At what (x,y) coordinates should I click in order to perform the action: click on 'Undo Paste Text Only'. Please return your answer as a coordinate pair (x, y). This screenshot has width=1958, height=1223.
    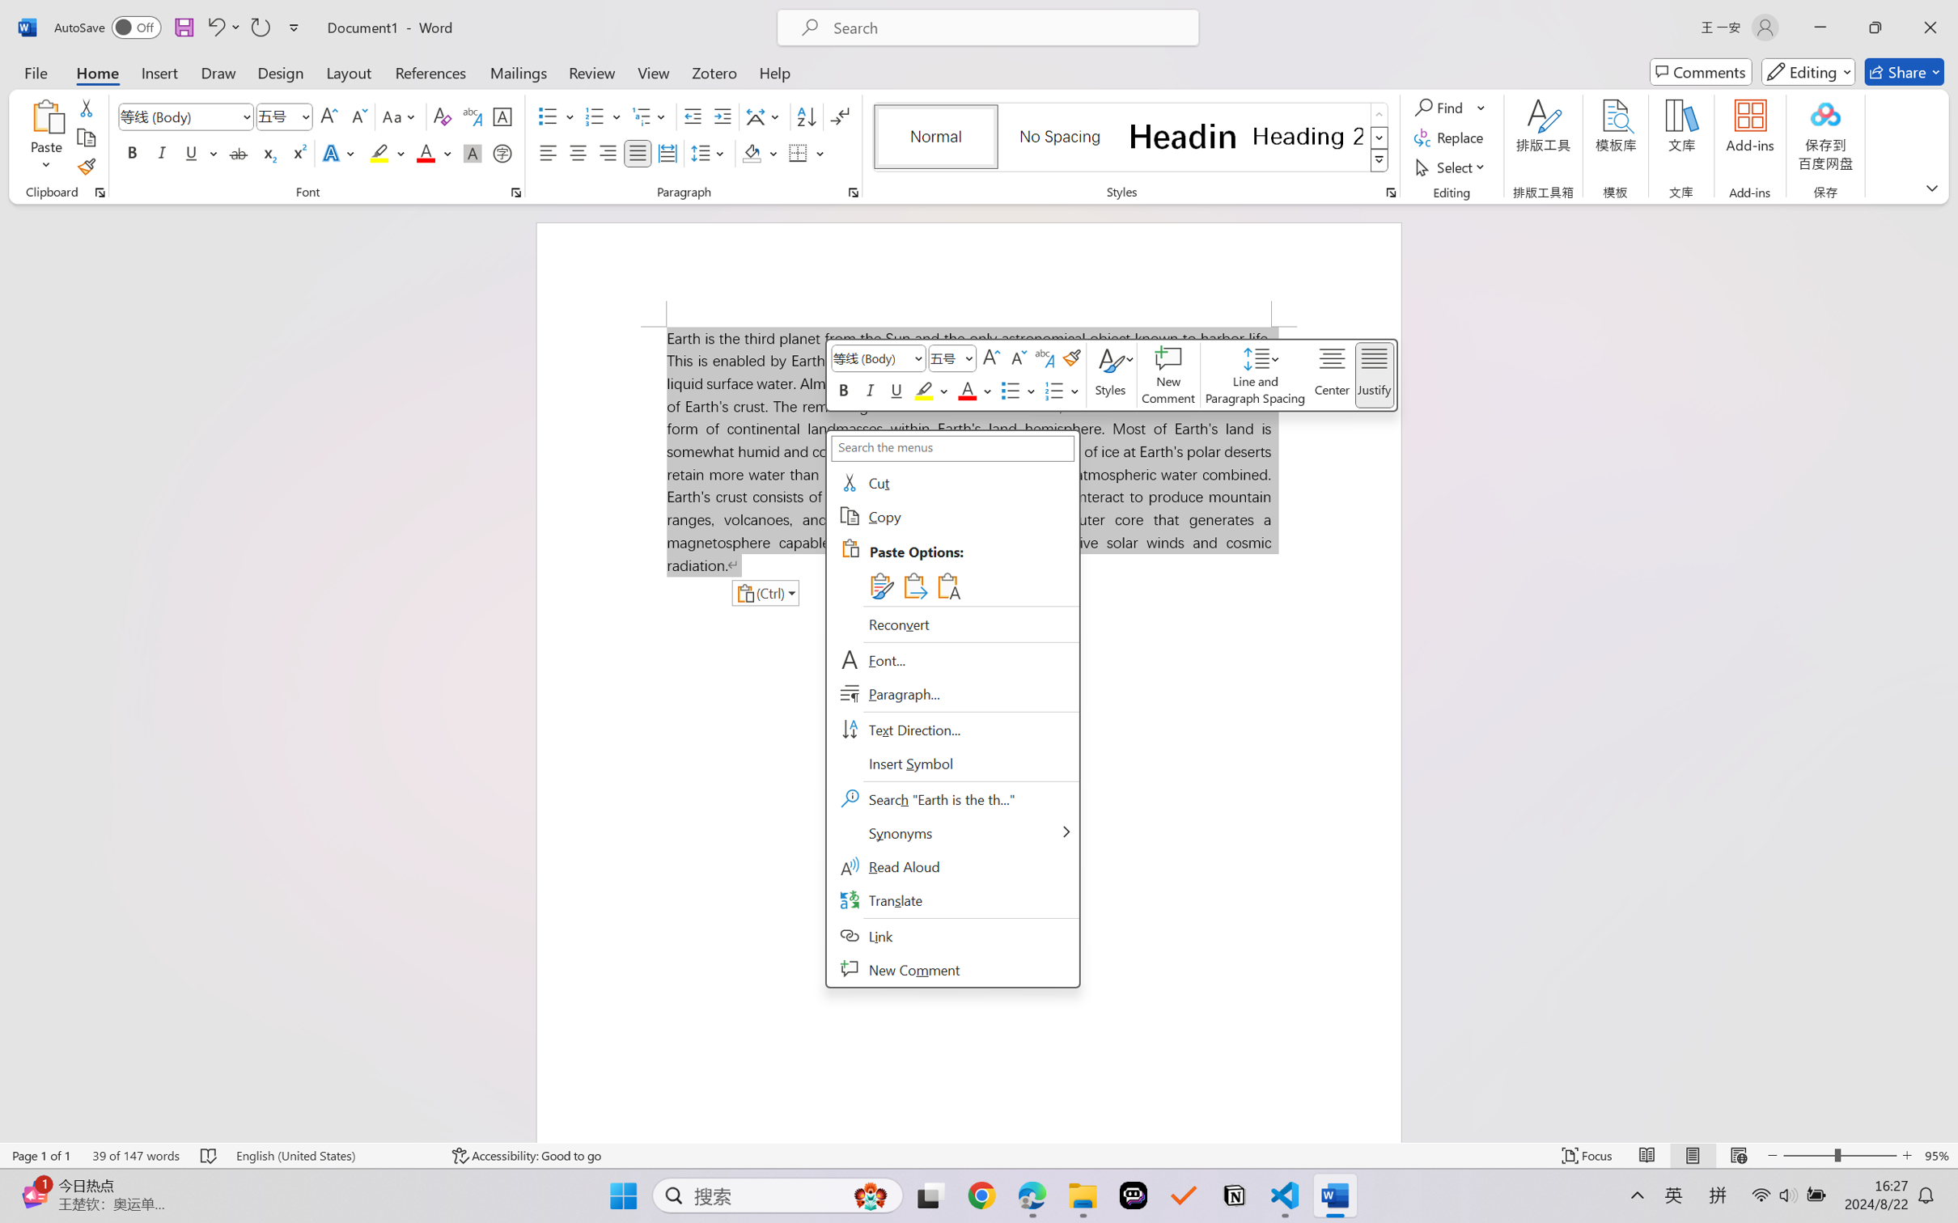
    Looking at the image, I should click on (214, 27).